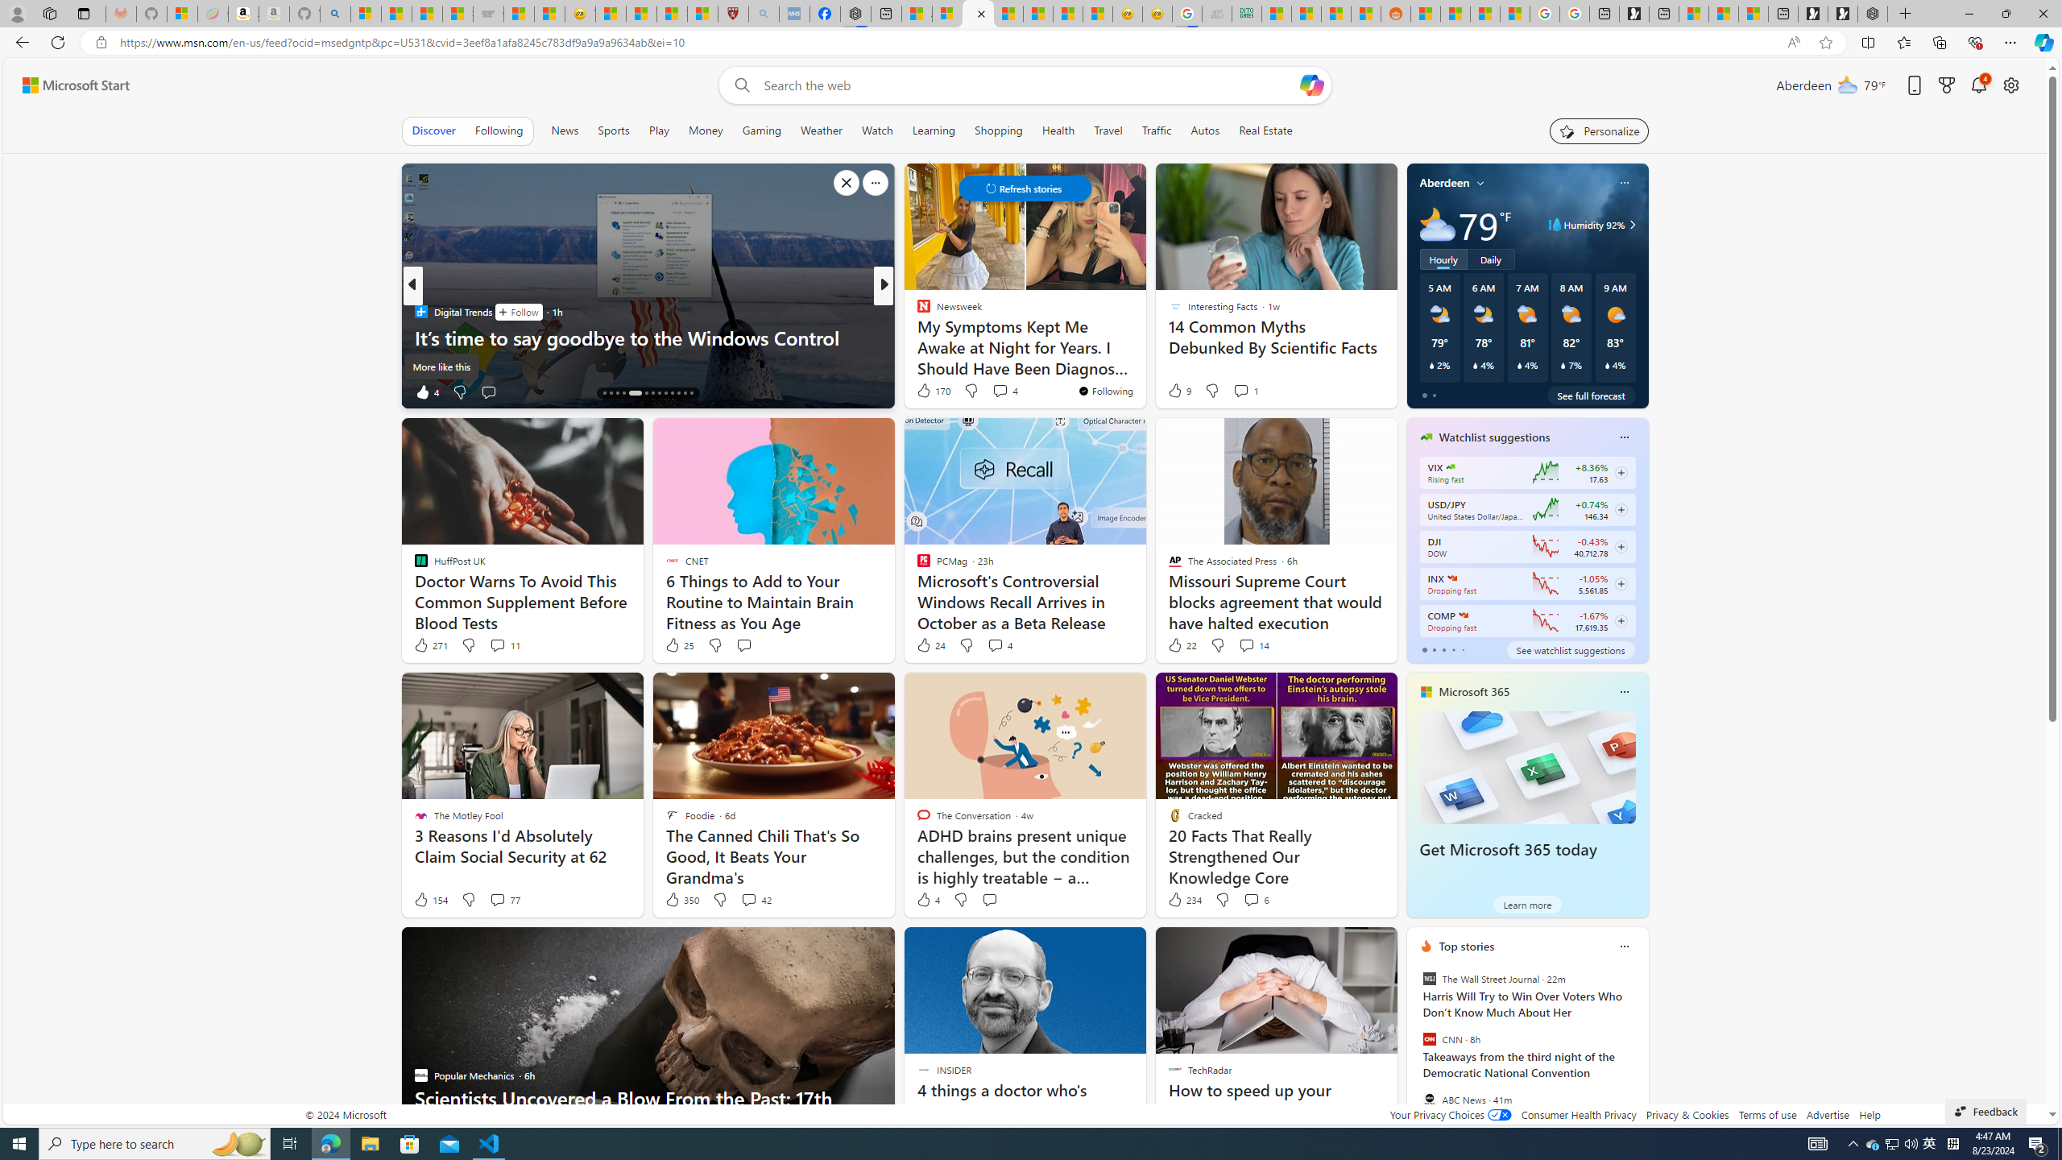  What do you see at coordinates (604, 392) in the screenshot?
I see `'AutomationID: tab-14'` at bounding box center [604, 392].